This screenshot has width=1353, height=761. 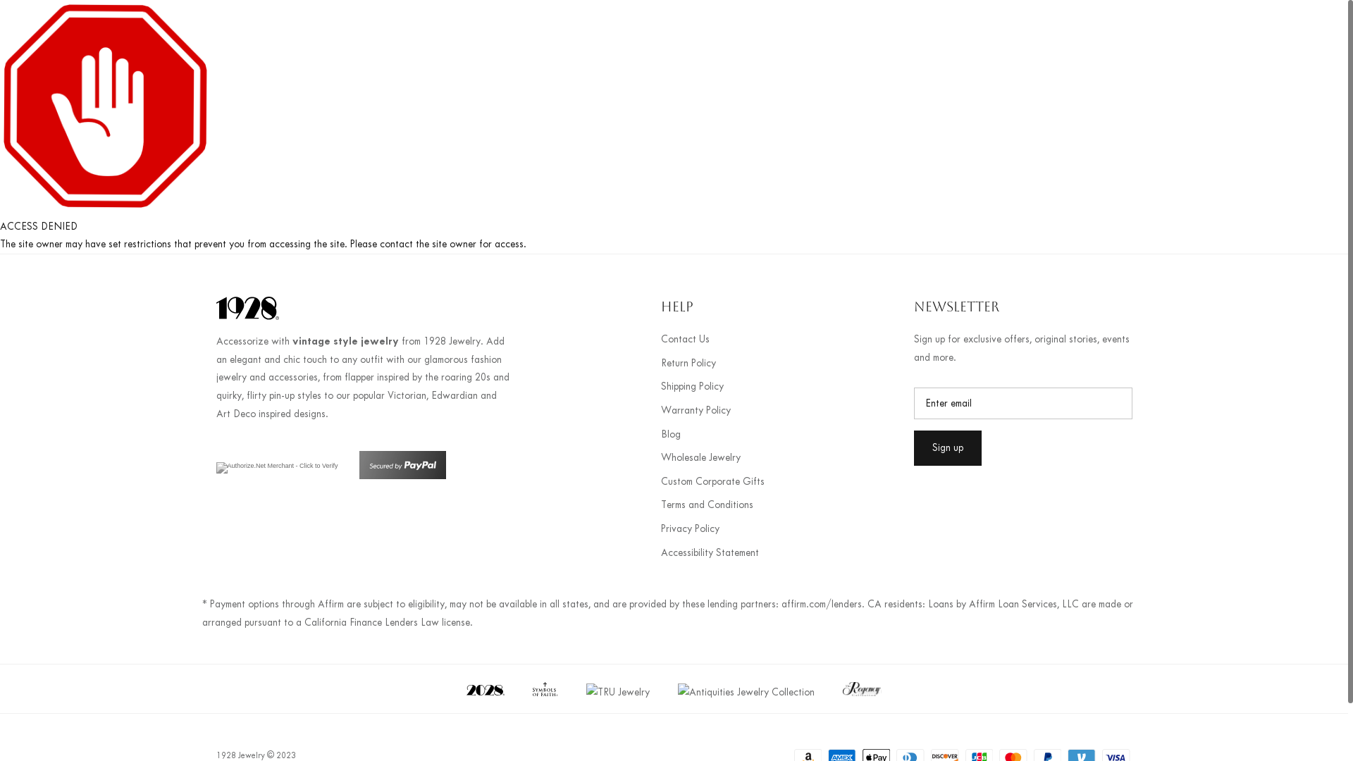 What do you see at coordinates (692, 386) in the screenshot?
I see `'Shipping Policy'` at bounding box center [692, 386].